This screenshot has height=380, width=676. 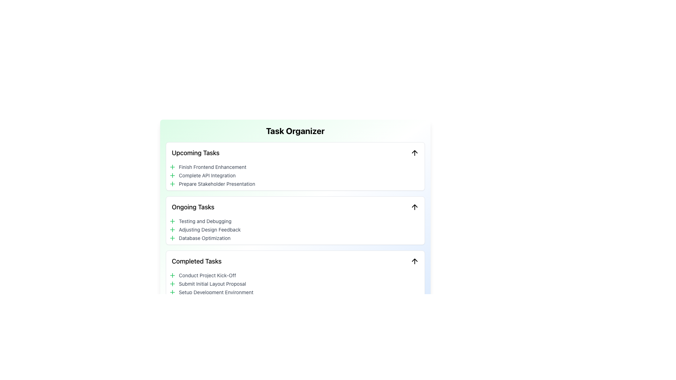 What do you see at coordinates (196, 261) in the screenshot?
I see `the Text label or heading that serves as the title for the completed tasks section` at bounding box center [196, 261].